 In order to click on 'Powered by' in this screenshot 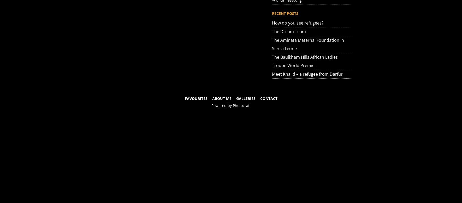, I will do `click(222, 105)`.